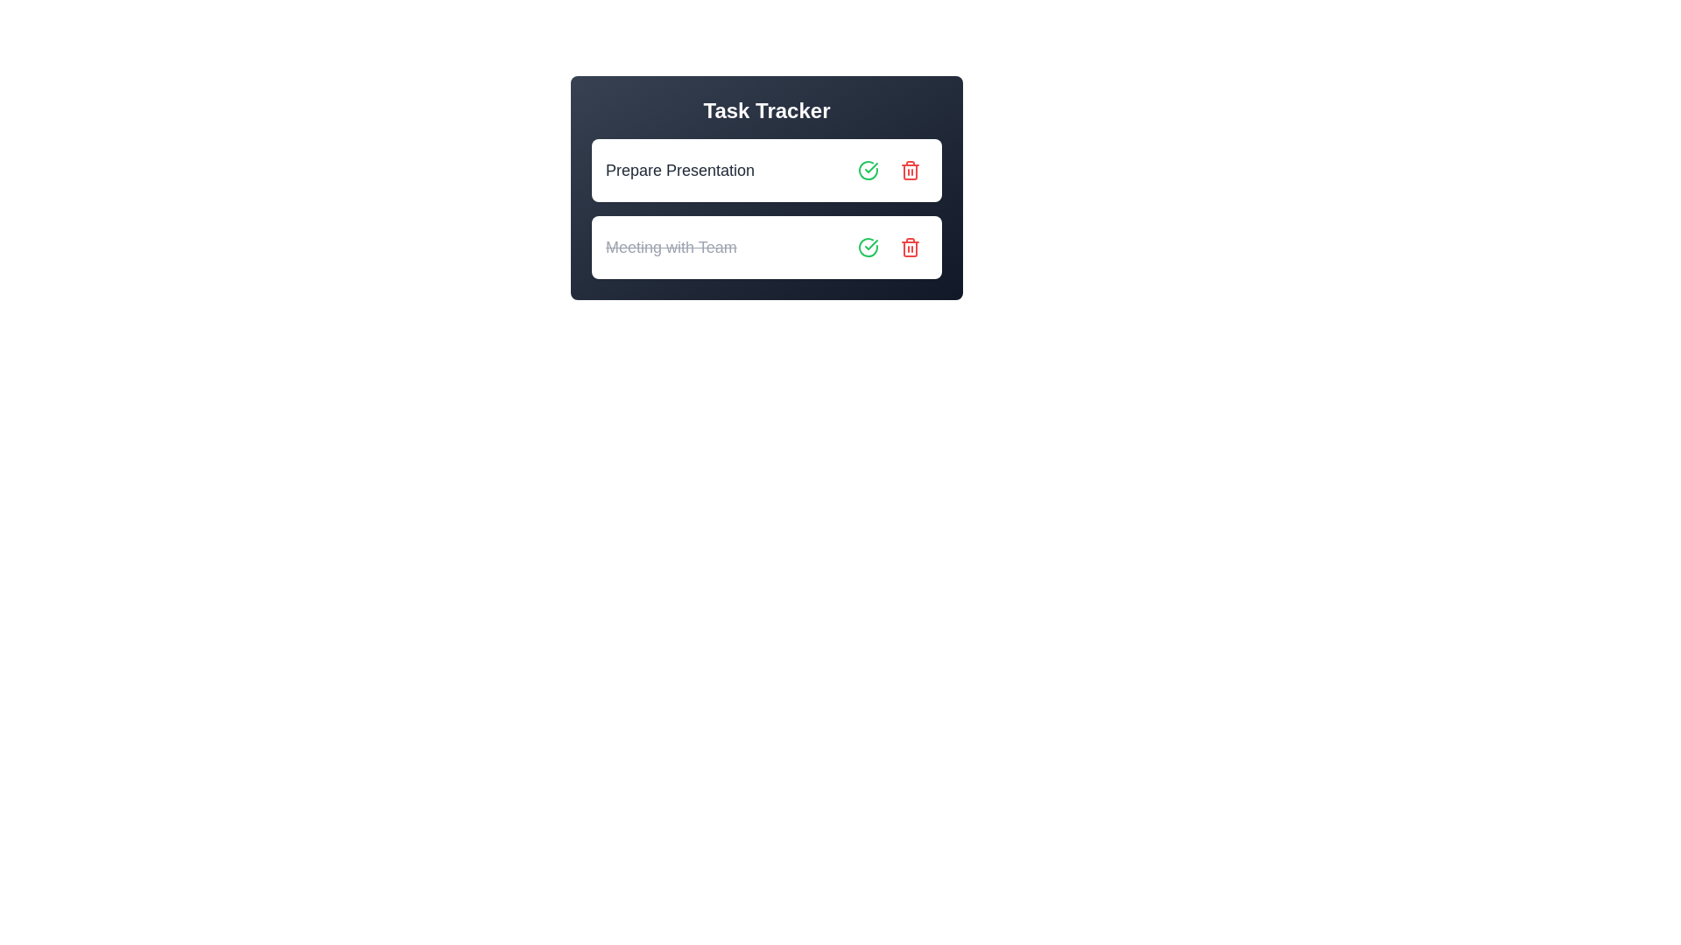 The image size is (1681, 945). Describe the element at coordinates (670, 247) in the screenshot. I see `the text label displaying 'Meeting with Team', which is marked as completed with a strikethrough pattern and appears in gray color` at that location.